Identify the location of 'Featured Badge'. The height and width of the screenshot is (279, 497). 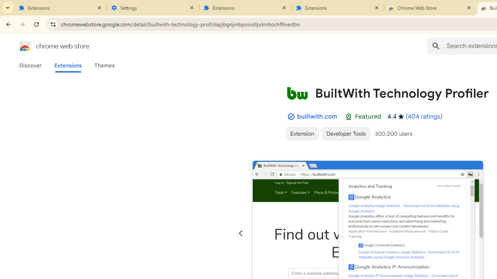
(348, 117).